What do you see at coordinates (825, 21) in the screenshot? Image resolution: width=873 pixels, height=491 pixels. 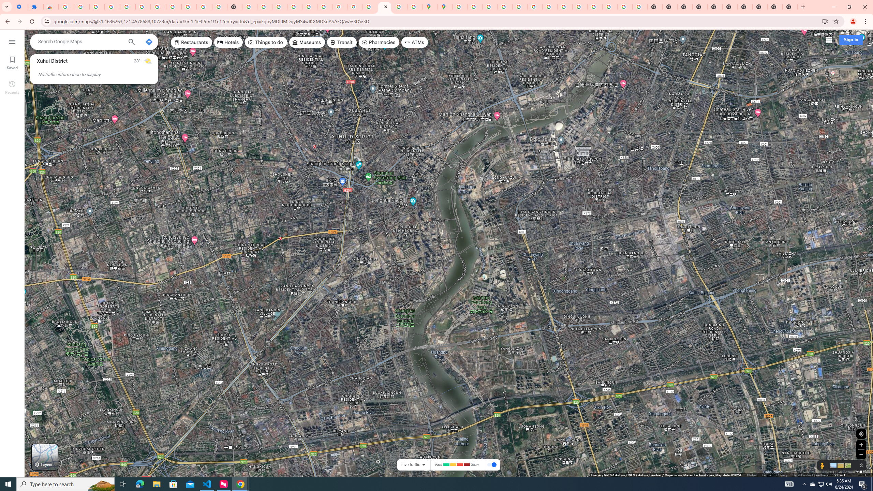 I see `'Install Google Maps'` at bounding box center [825, 21].